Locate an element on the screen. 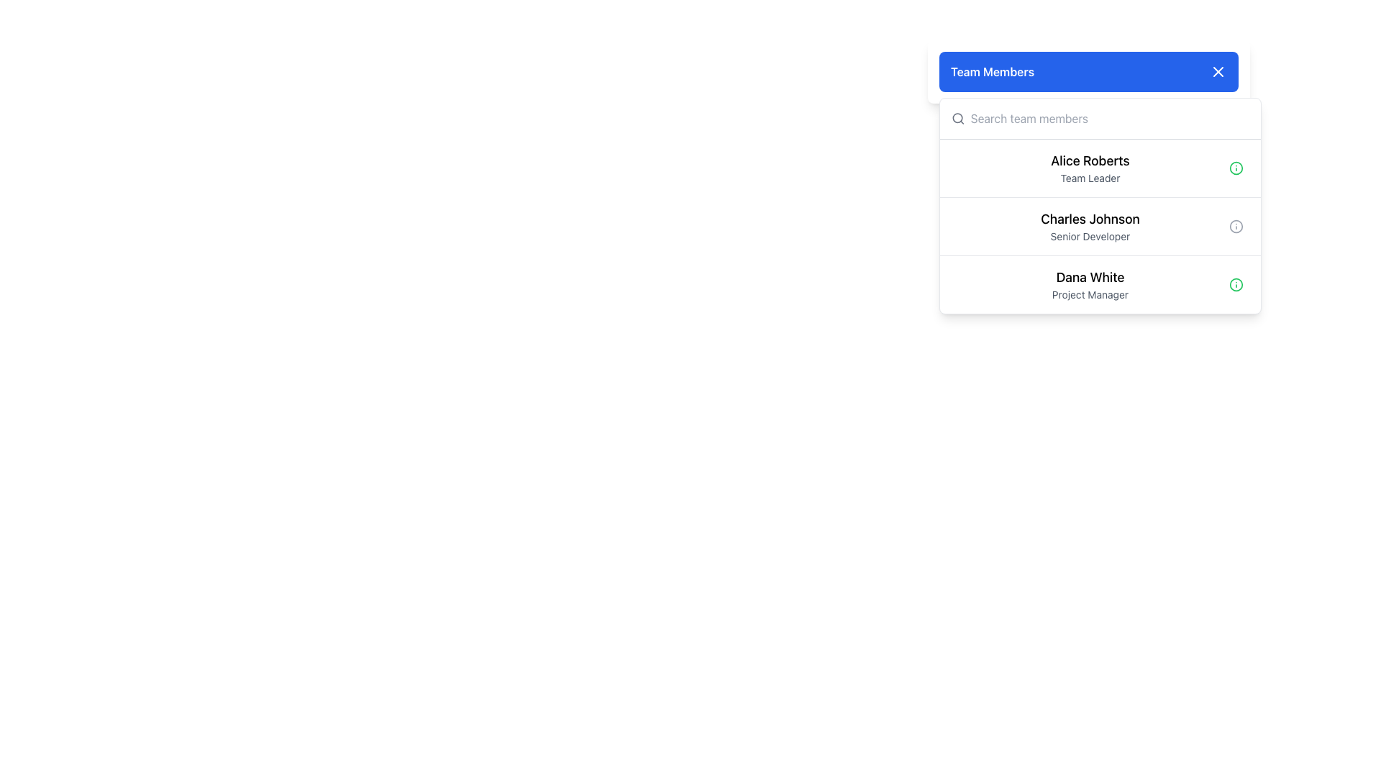 This screenshot has width=1381, height=777. the close button icon located in the top-right corner of the 'Team Members' header bar is located at coordinates (1218, 72).